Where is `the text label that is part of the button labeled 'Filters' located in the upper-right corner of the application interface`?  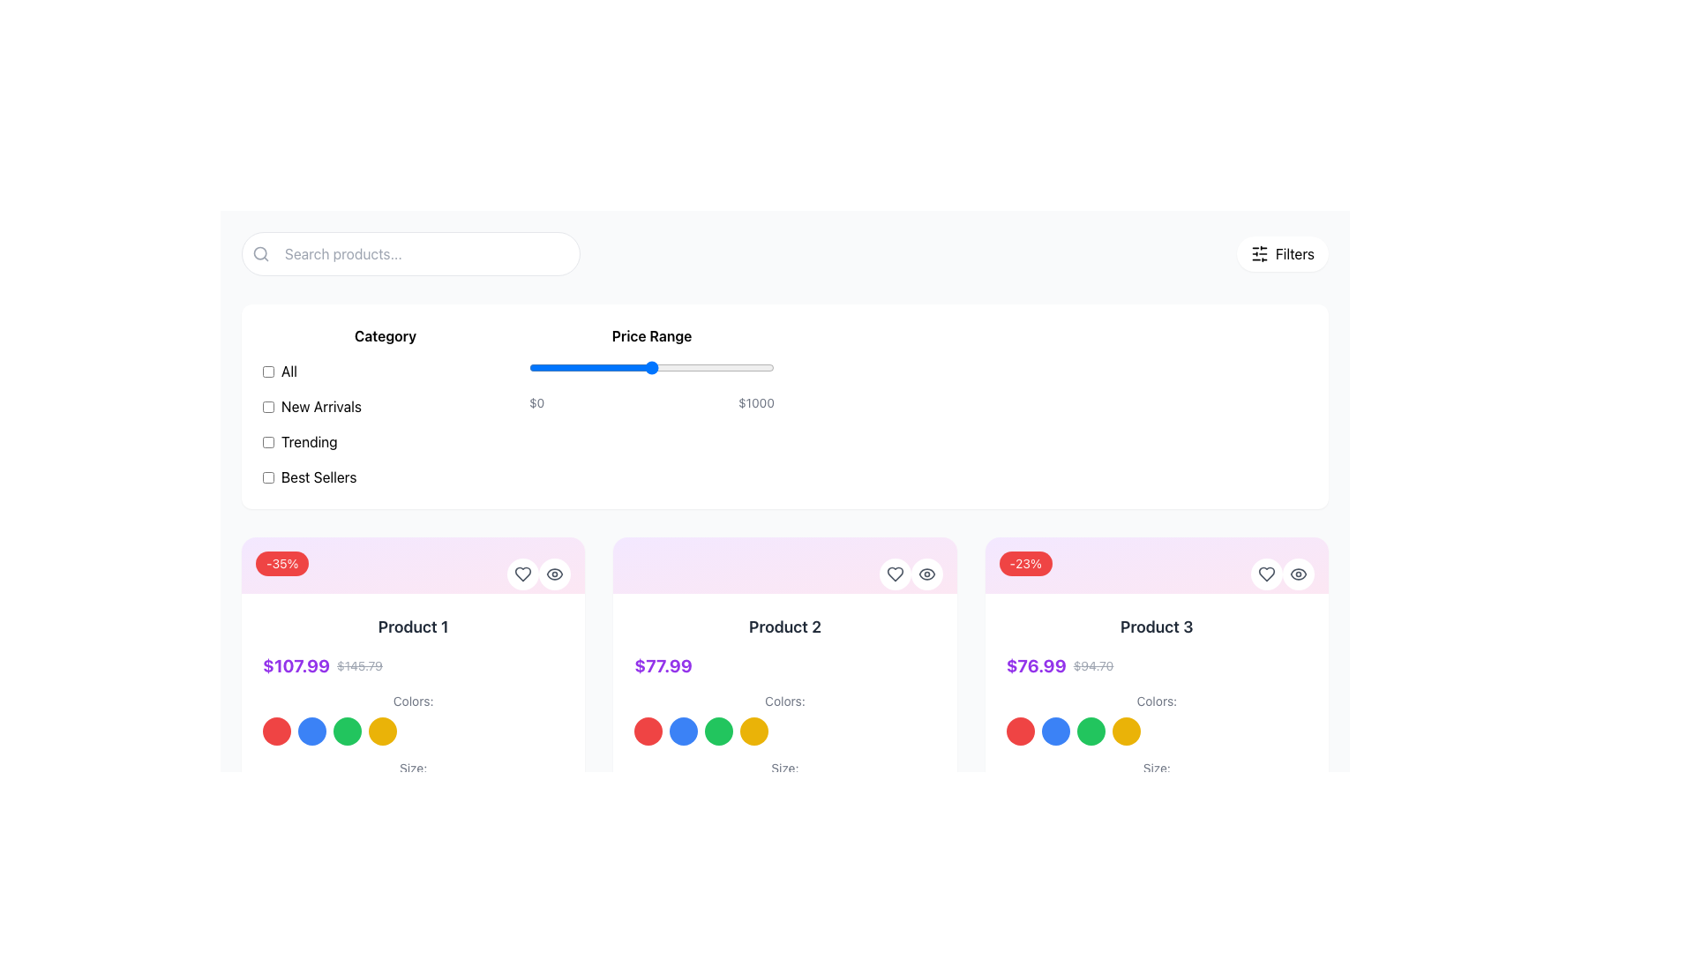
the text label that is part of the button labeled 'Filters' located in the upper-right corner of the application interface is located at coordinates (1295, 254).